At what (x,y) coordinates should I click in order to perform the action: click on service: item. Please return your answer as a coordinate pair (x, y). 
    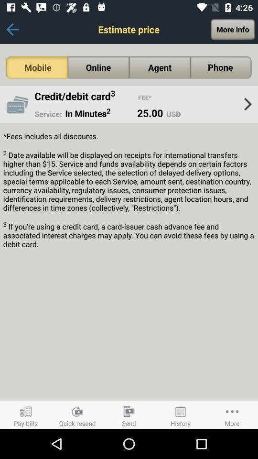
    Looking at the image, I should click on (48, 114).